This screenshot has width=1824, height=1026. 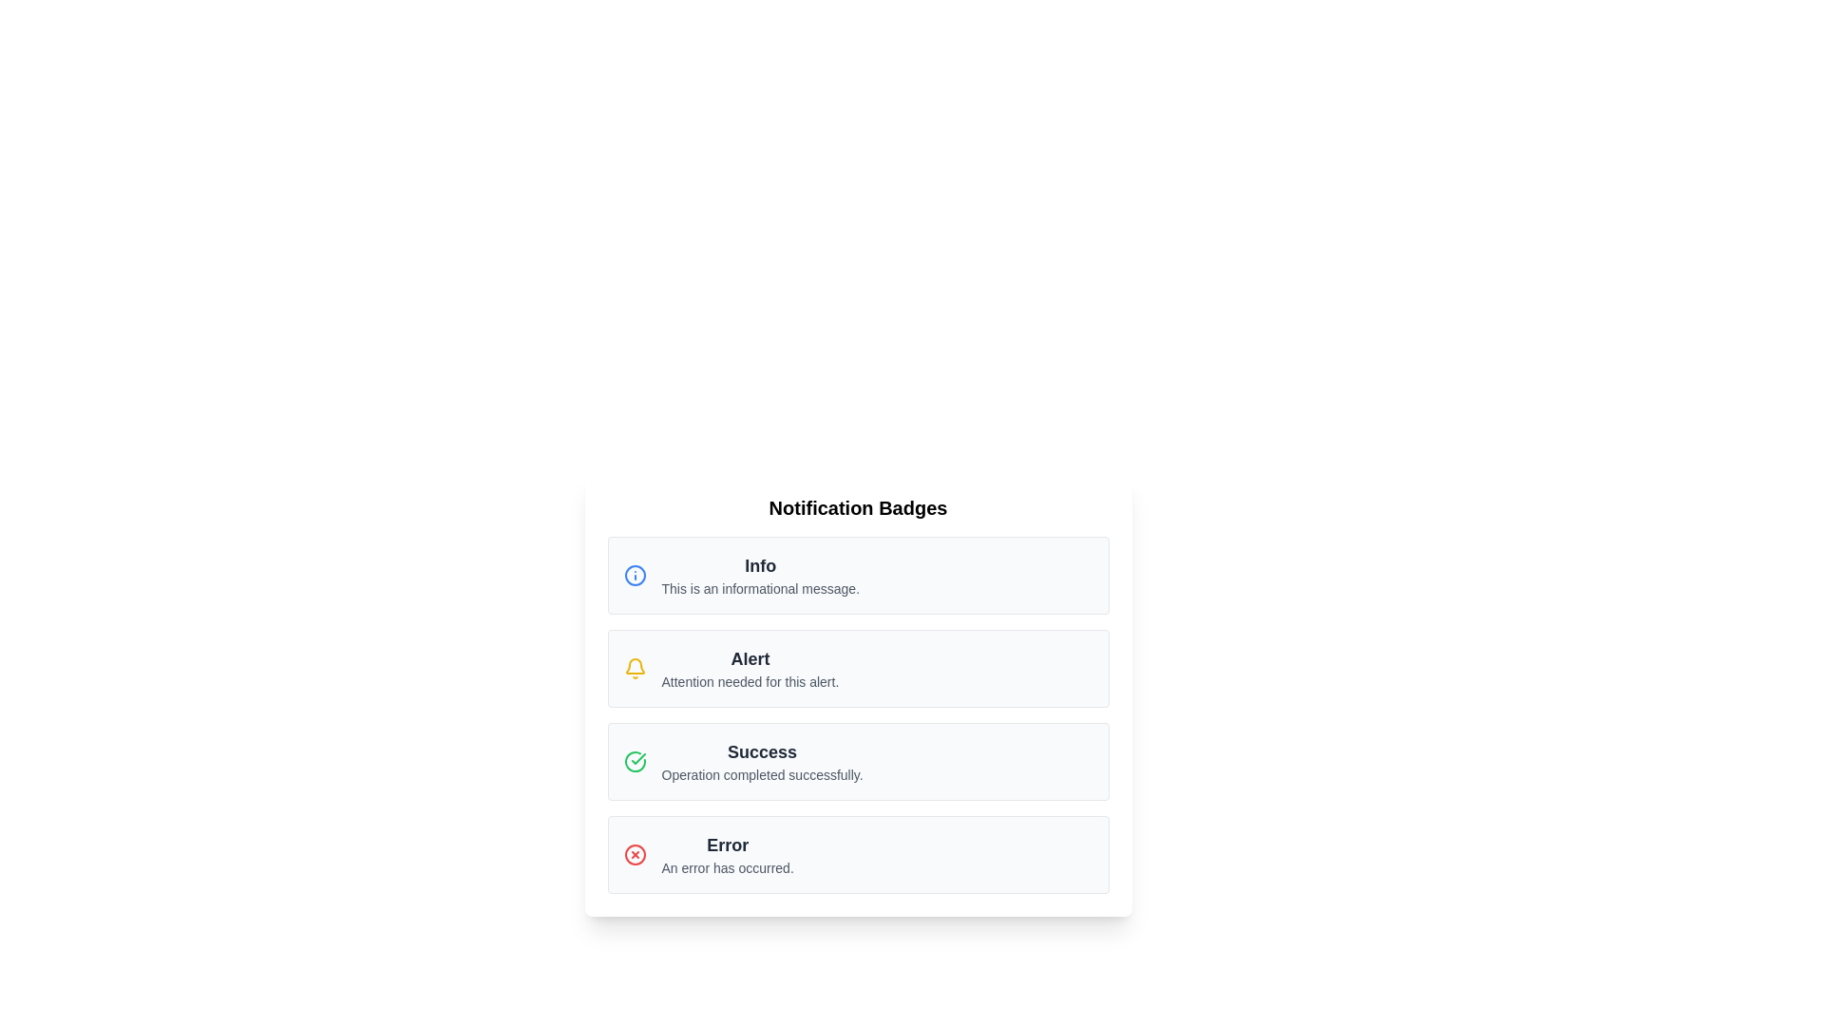 What do you see at coordinates (749, 680) in the screenshot?
I see `the descriptive text label for the 'Alert' notification, which is located below the title 'Alert' in the second notification block` at bounding box center [749, 680].